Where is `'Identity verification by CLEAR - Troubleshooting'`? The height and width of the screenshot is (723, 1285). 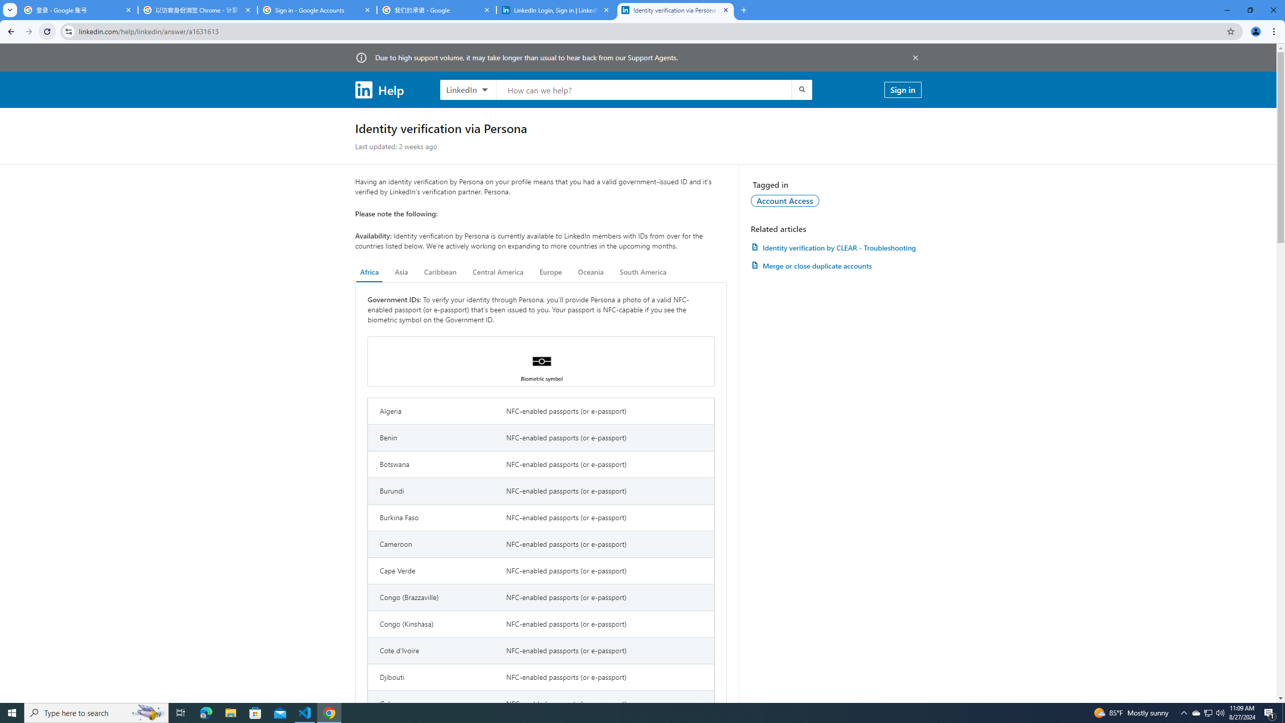
'Identity verification by CLEAR - Troubleshooting' is located at coordinates (835, 248).